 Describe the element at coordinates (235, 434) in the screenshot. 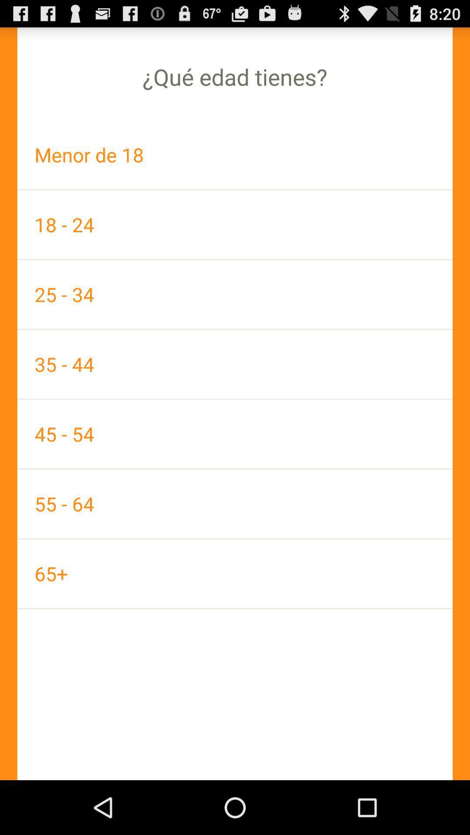

I see `the 45 - 54` at that location.